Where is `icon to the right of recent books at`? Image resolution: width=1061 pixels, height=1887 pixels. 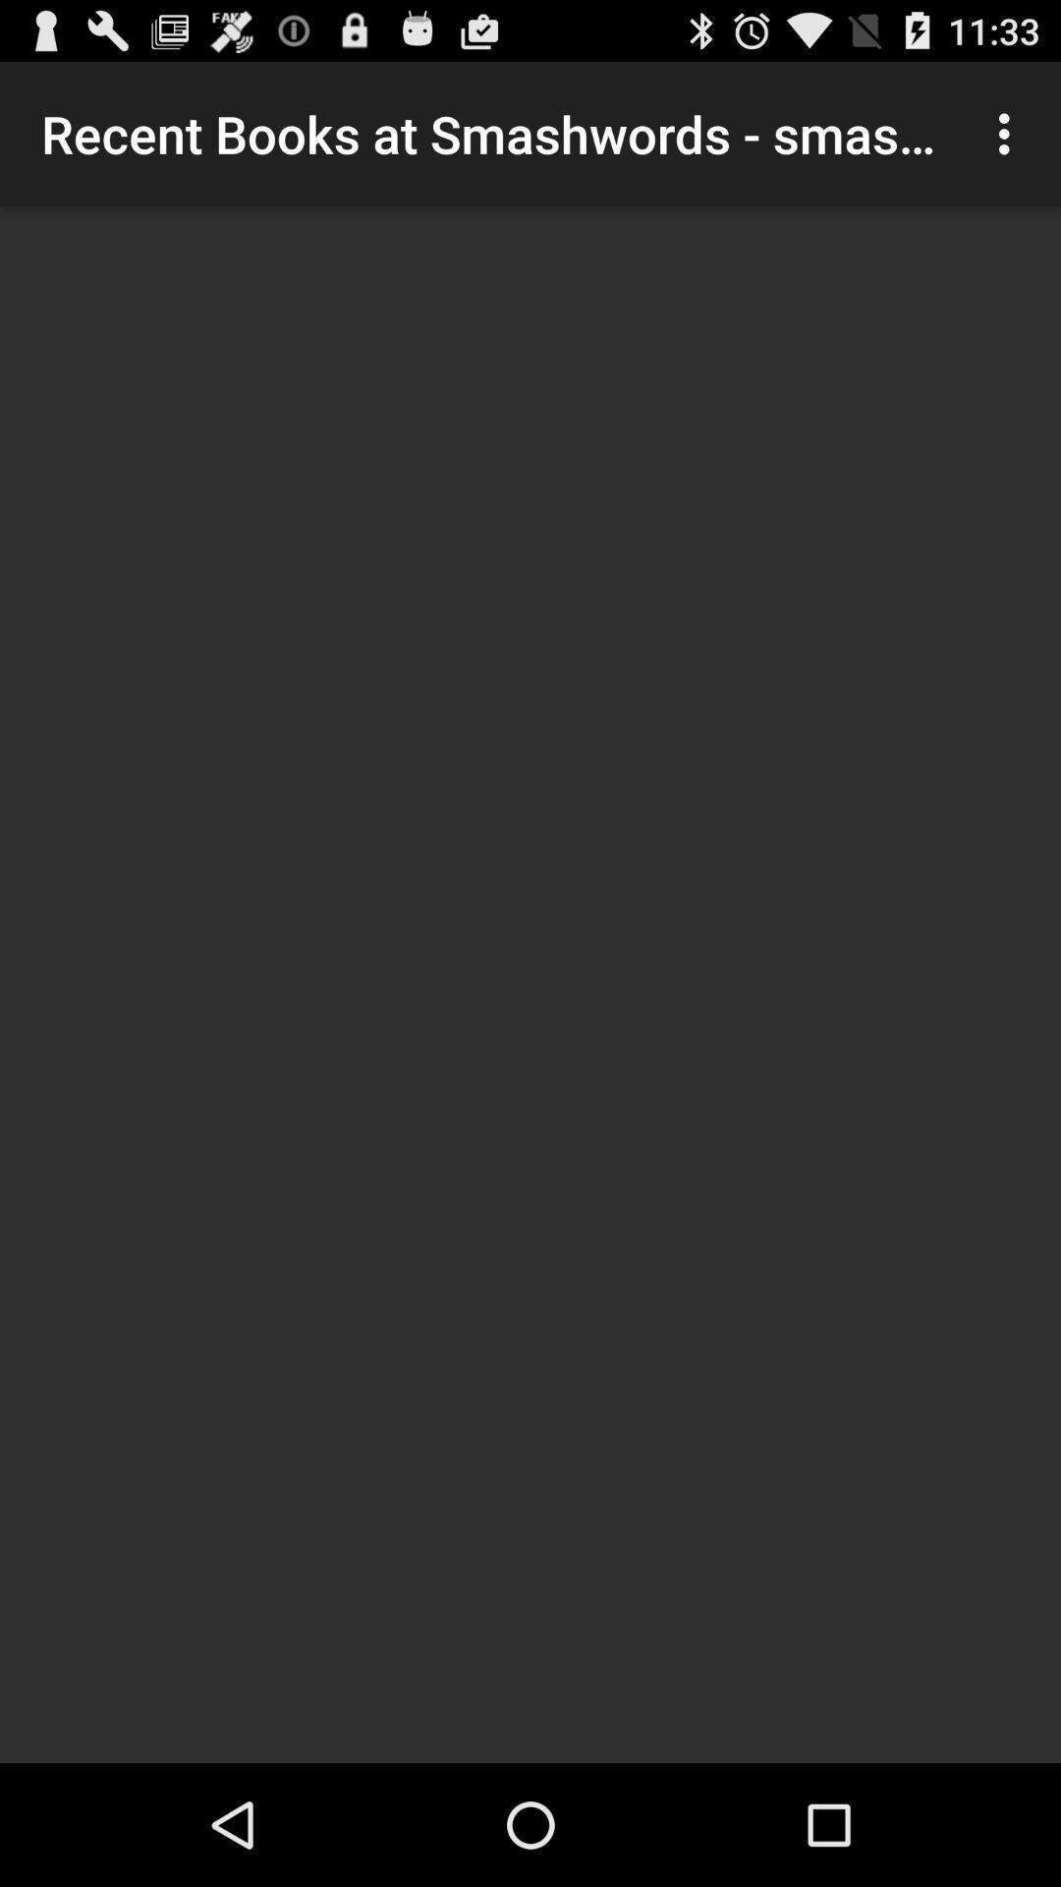
icon to the right of recent books at is located at coordinates (1009, 133).